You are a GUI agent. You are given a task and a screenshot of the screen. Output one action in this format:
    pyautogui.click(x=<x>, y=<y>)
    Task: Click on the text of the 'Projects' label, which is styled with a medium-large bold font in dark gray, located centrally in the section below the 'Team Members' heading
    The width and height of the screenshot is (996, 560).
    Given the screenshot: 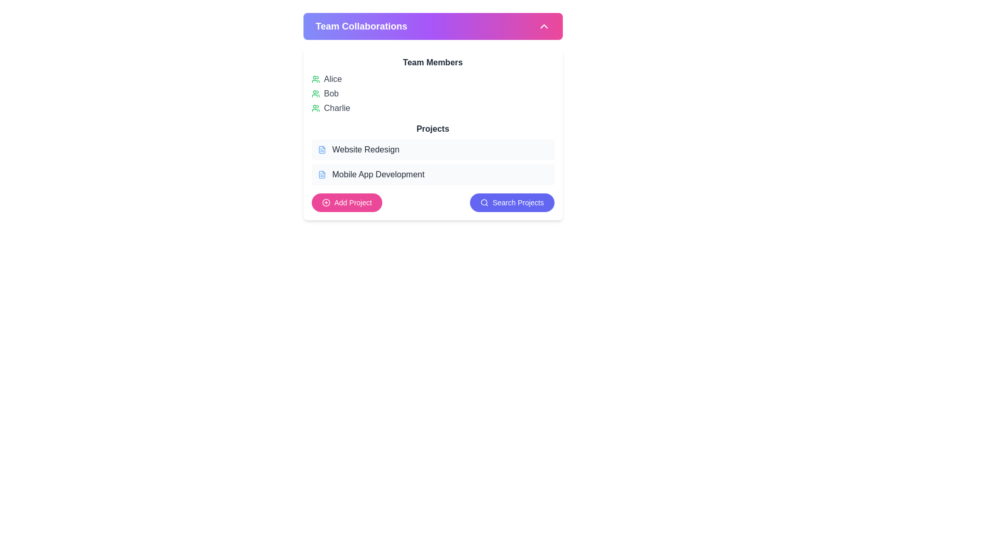 What is the action you would take?
    pyautogui.click(x=433, y=129)
    